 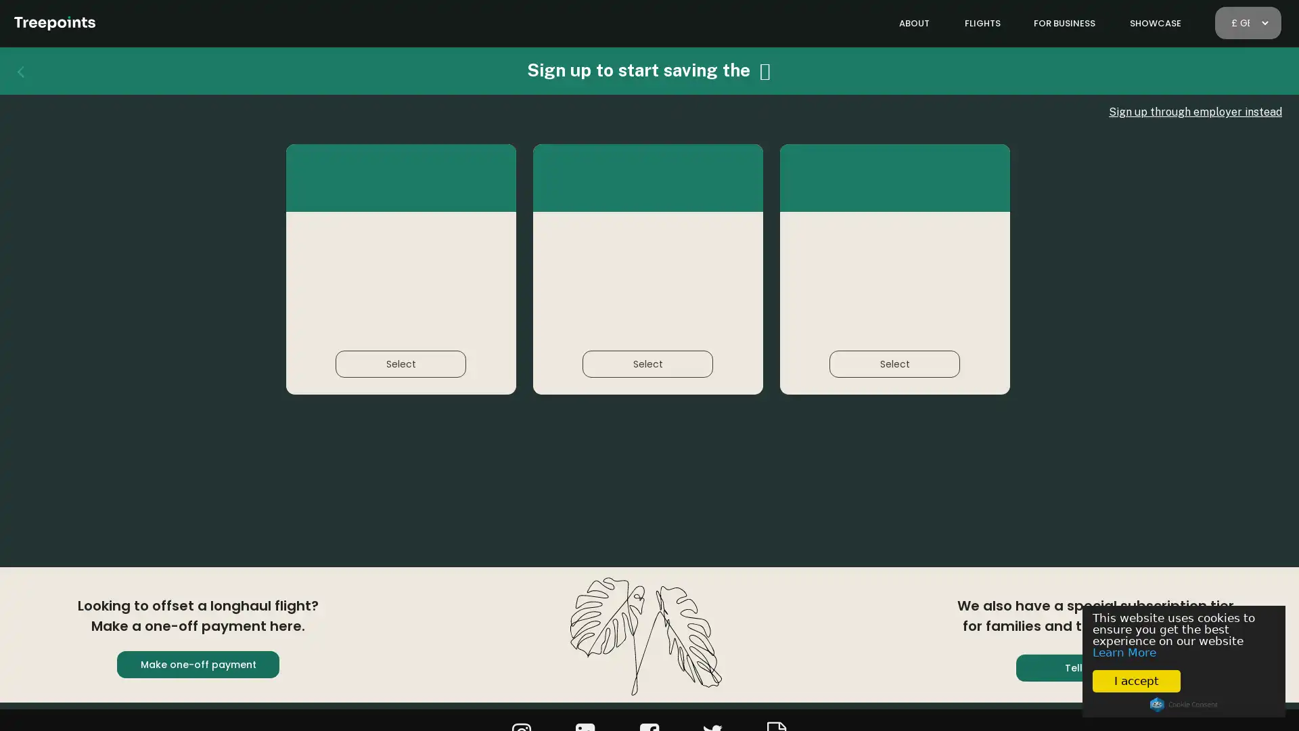 What do you see at coordinates (894, 363) in the screenshot?
I see `Select` at bounding box center [894, 363].